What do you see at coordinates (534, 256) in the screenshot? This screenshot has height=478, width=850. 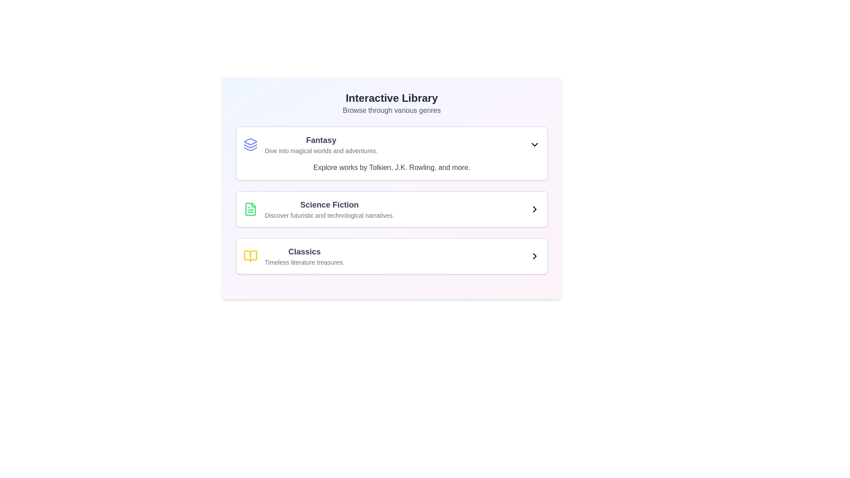 I see `the right-pointing Chevron icon located at the far right of the 'Classics' row` at bounding box center [534, 256].